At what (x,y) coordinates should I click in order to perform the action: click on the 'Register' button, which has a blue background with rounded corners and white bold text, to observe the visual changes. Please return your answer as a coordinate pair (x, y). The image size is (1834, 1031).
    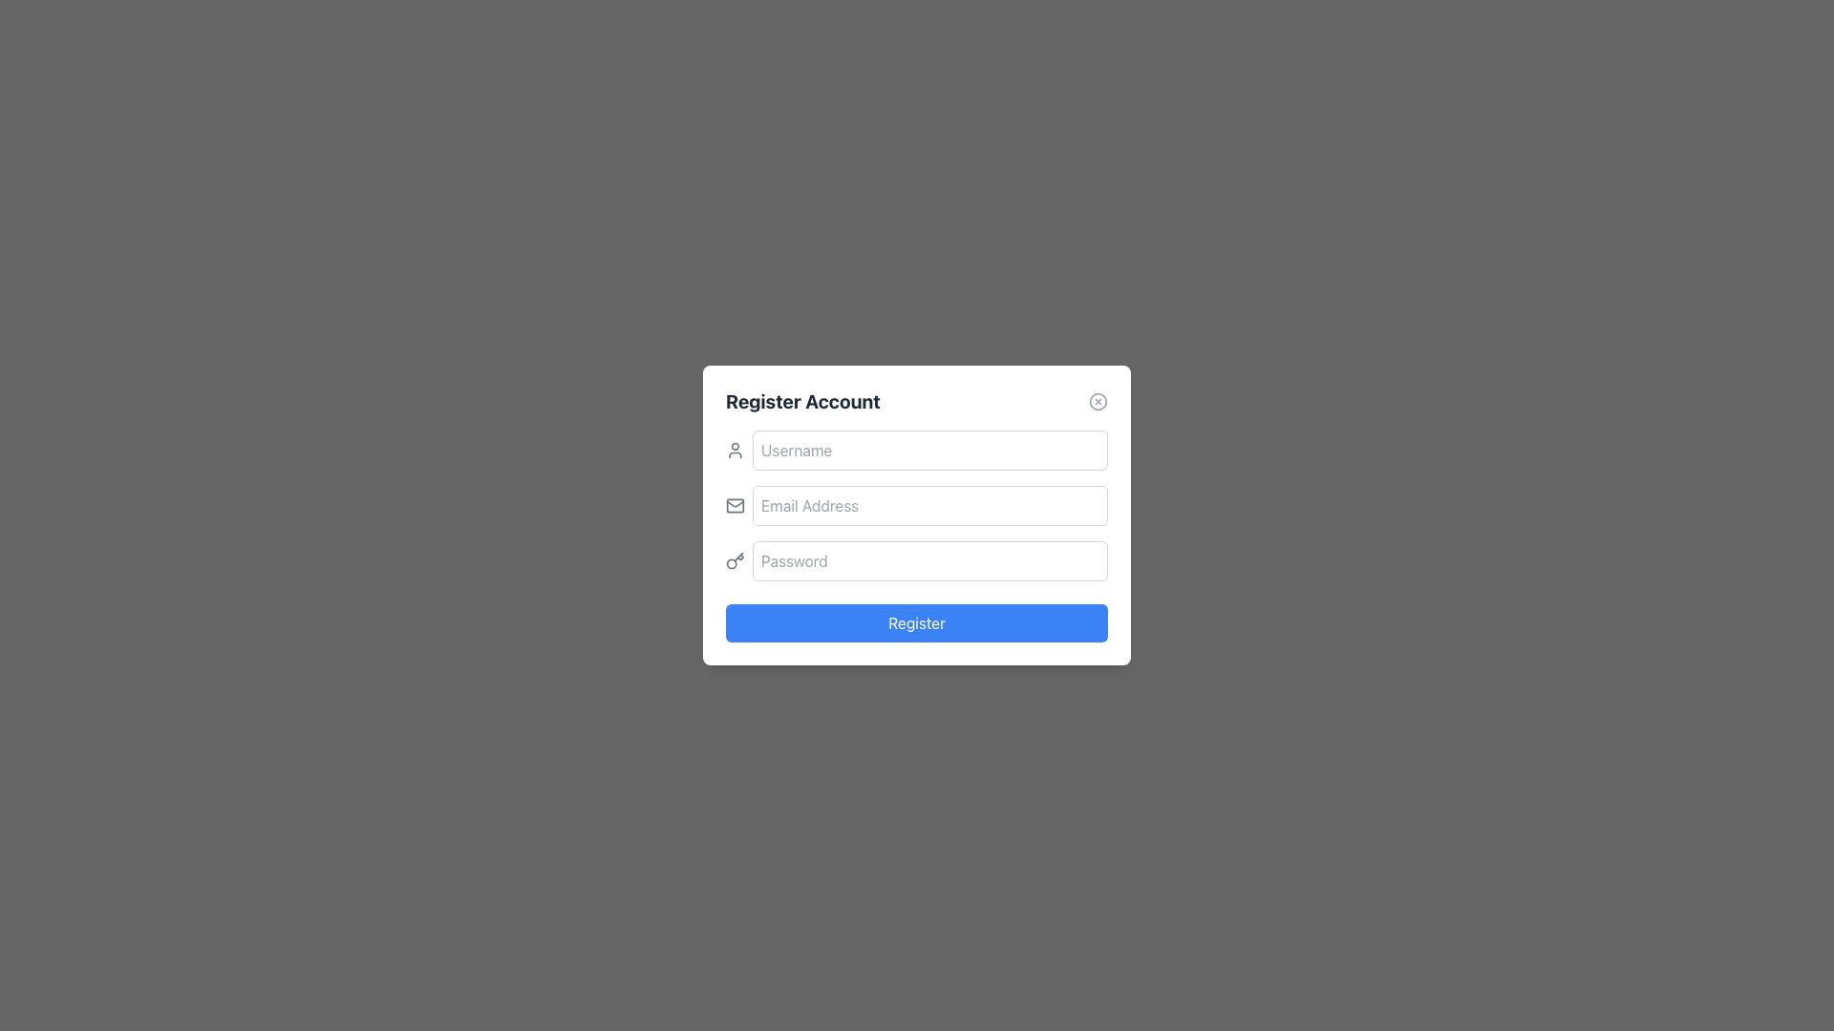
    Looking at the image, I should click on (917, 622).